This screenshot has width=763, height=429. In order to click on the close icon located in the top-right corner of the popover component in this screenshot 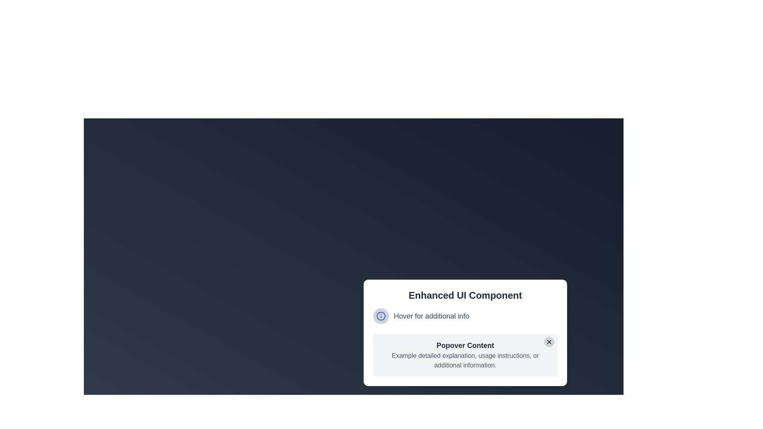, I will do `click(549, 341)`.